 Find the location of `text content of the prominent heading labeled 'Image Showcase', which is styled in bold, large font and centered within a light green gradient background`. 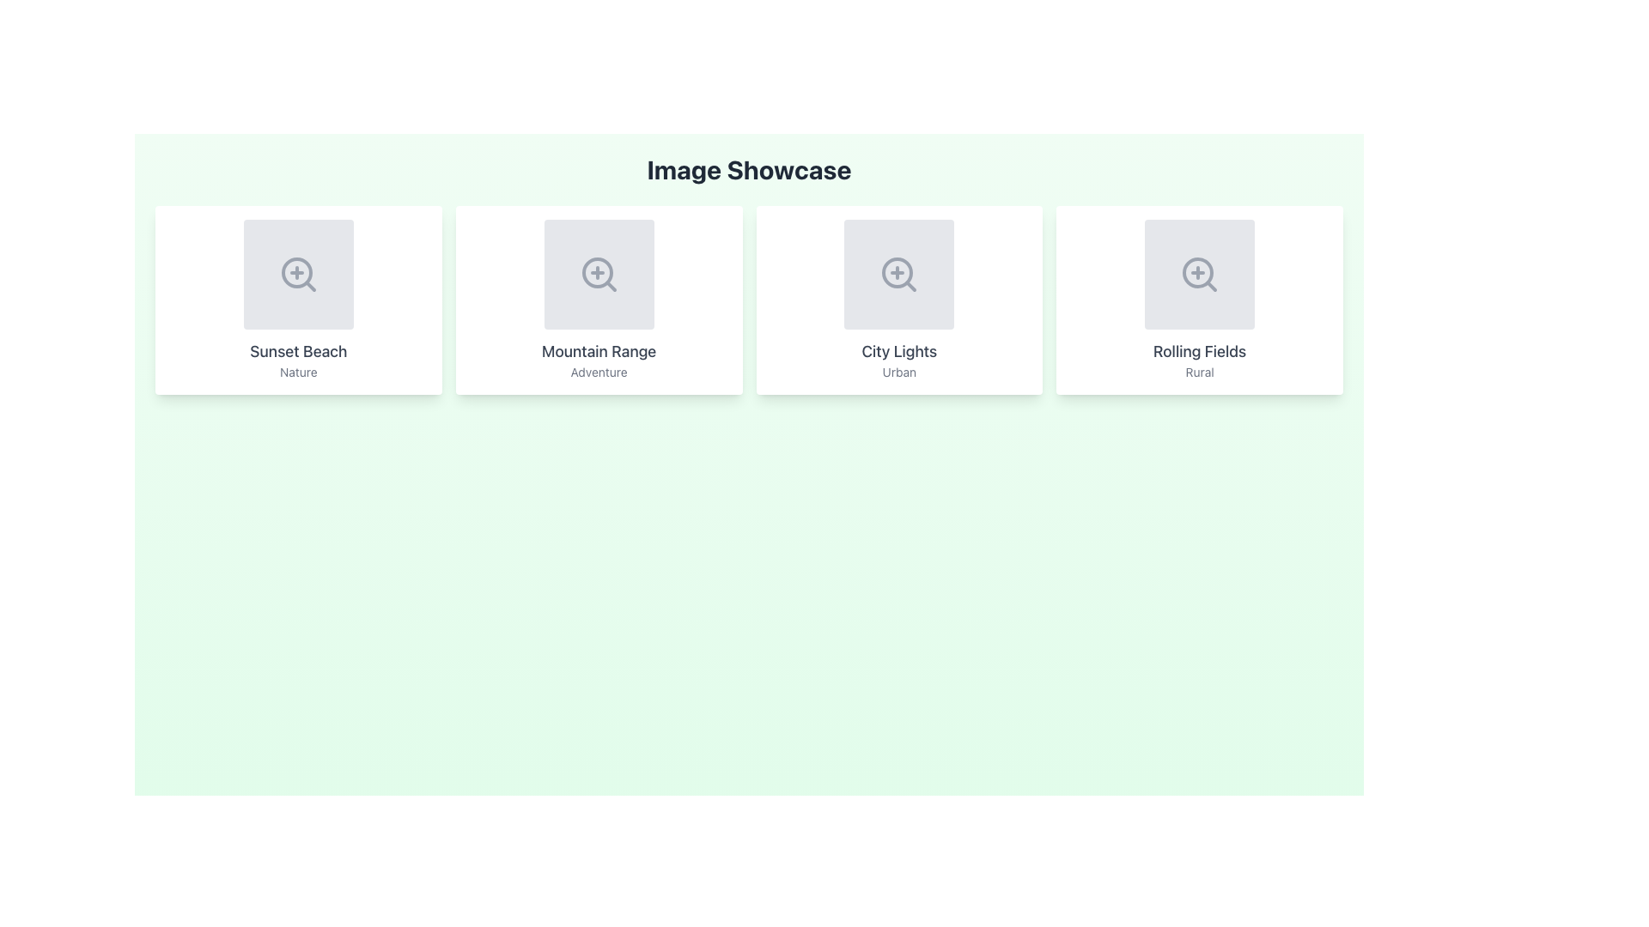

text content of the prominent heading labeled 'Image Showcase', which is styled in bold, large font and centered within a light green gradient background is located at coordinates (749, 169).